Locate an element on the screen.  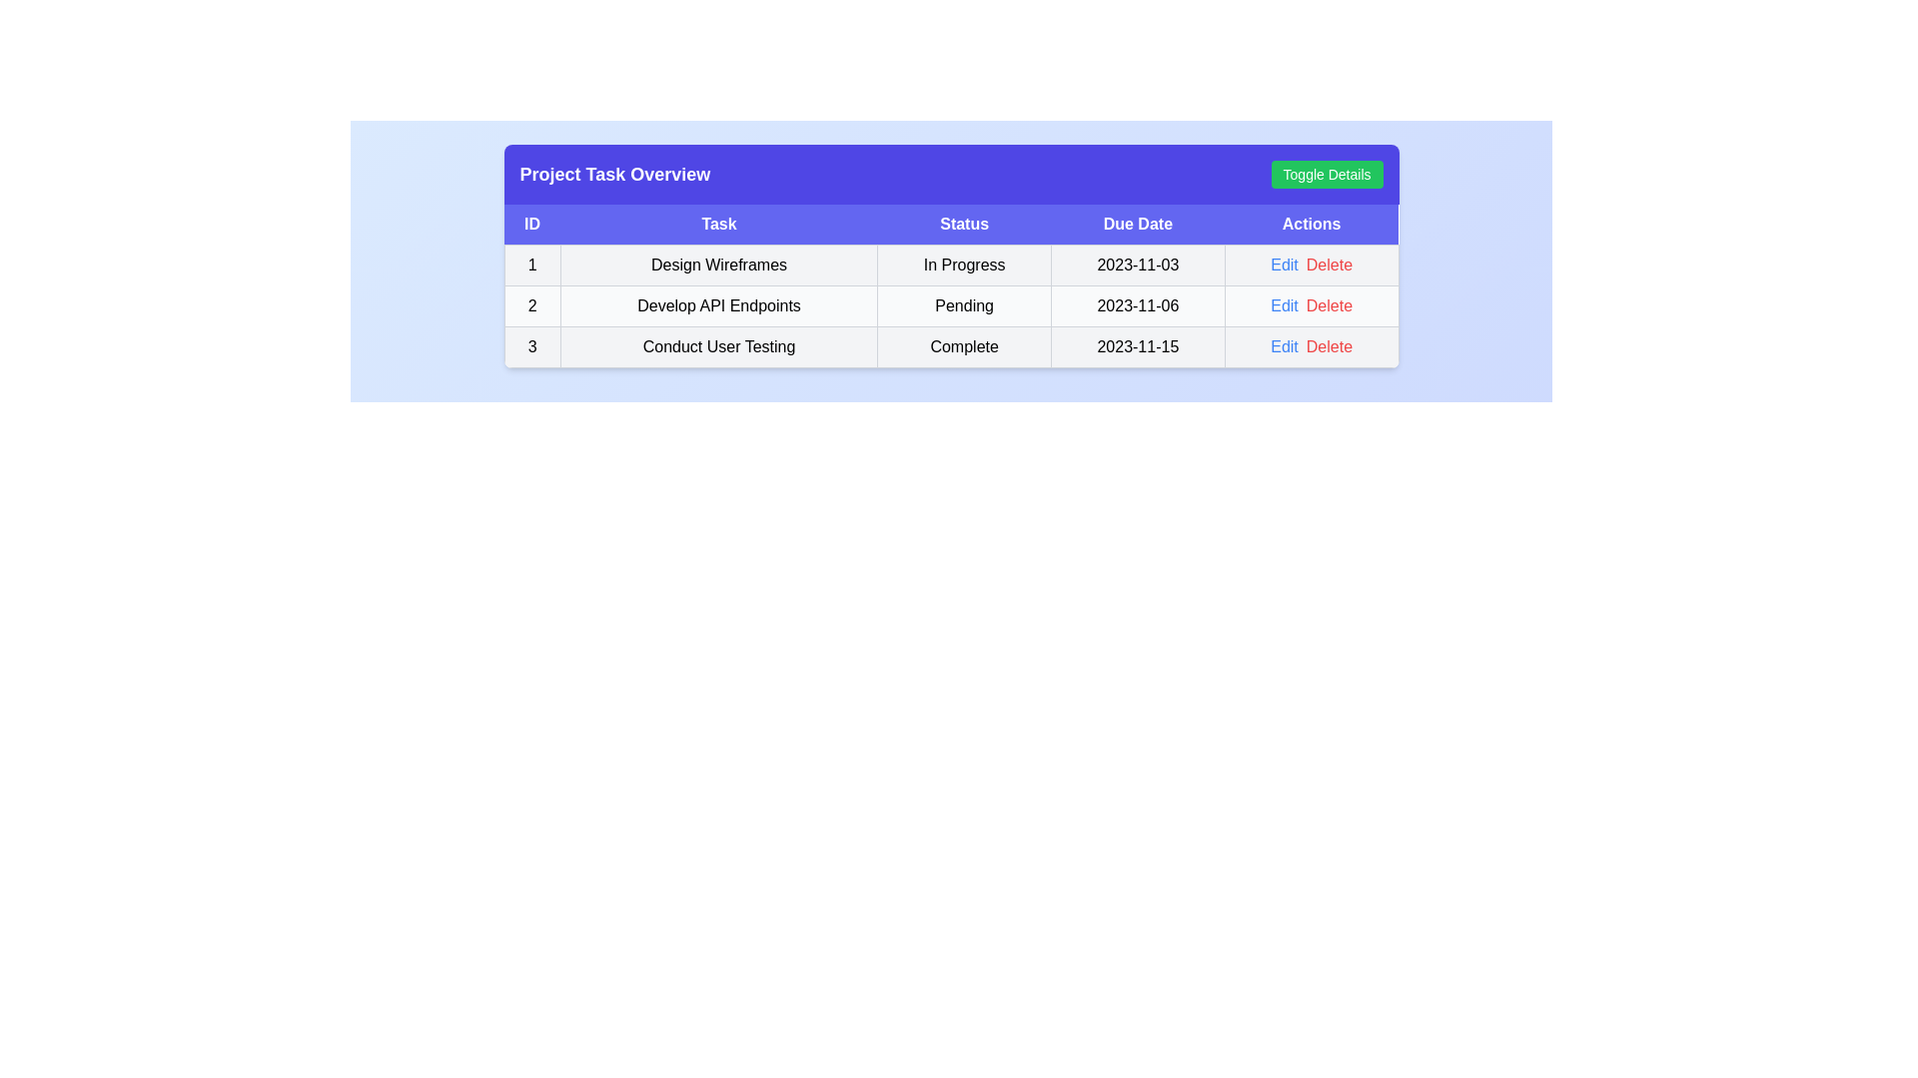
the row corresponding to task ID 2 to highlight it is located at coordinates (950, 306).